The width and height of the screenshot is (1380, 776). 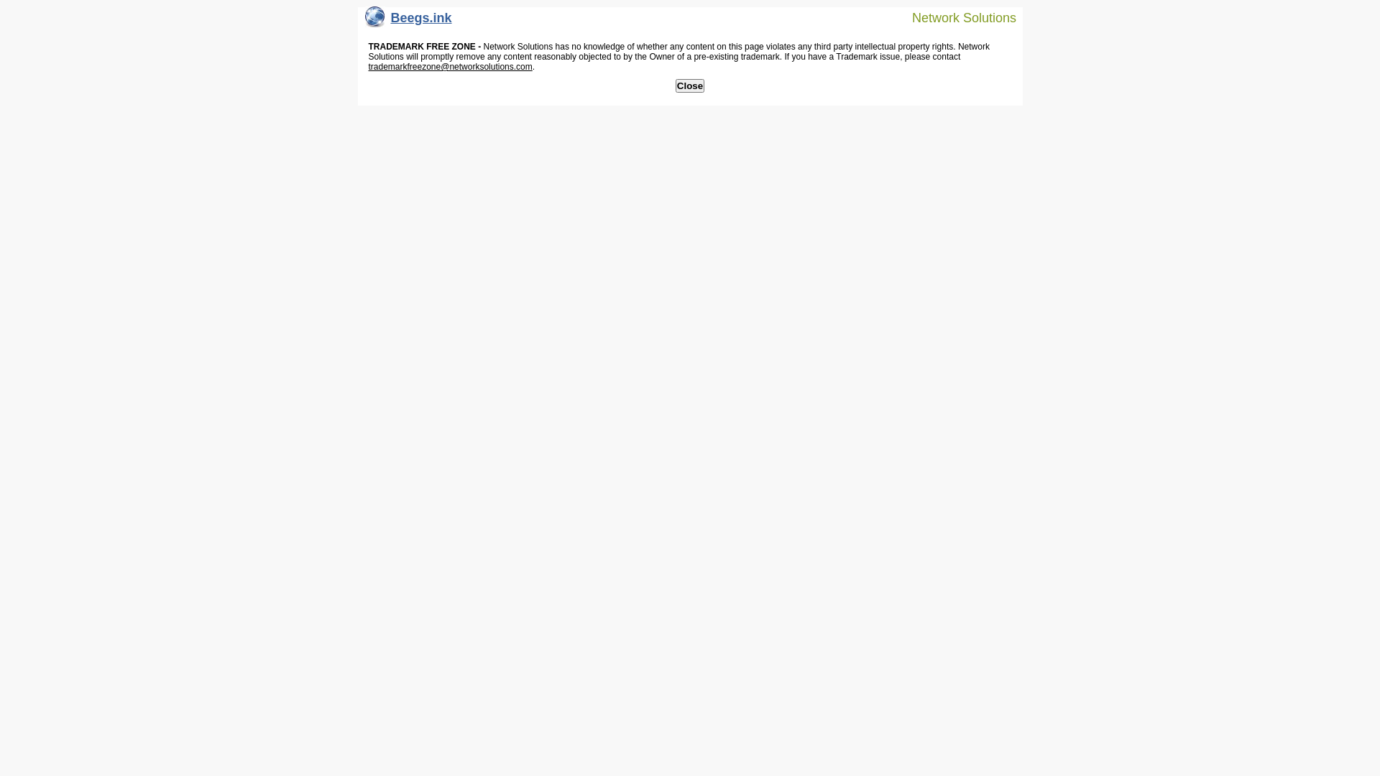 I want to click on 'Network Solutions', so click(x=955, y=17).